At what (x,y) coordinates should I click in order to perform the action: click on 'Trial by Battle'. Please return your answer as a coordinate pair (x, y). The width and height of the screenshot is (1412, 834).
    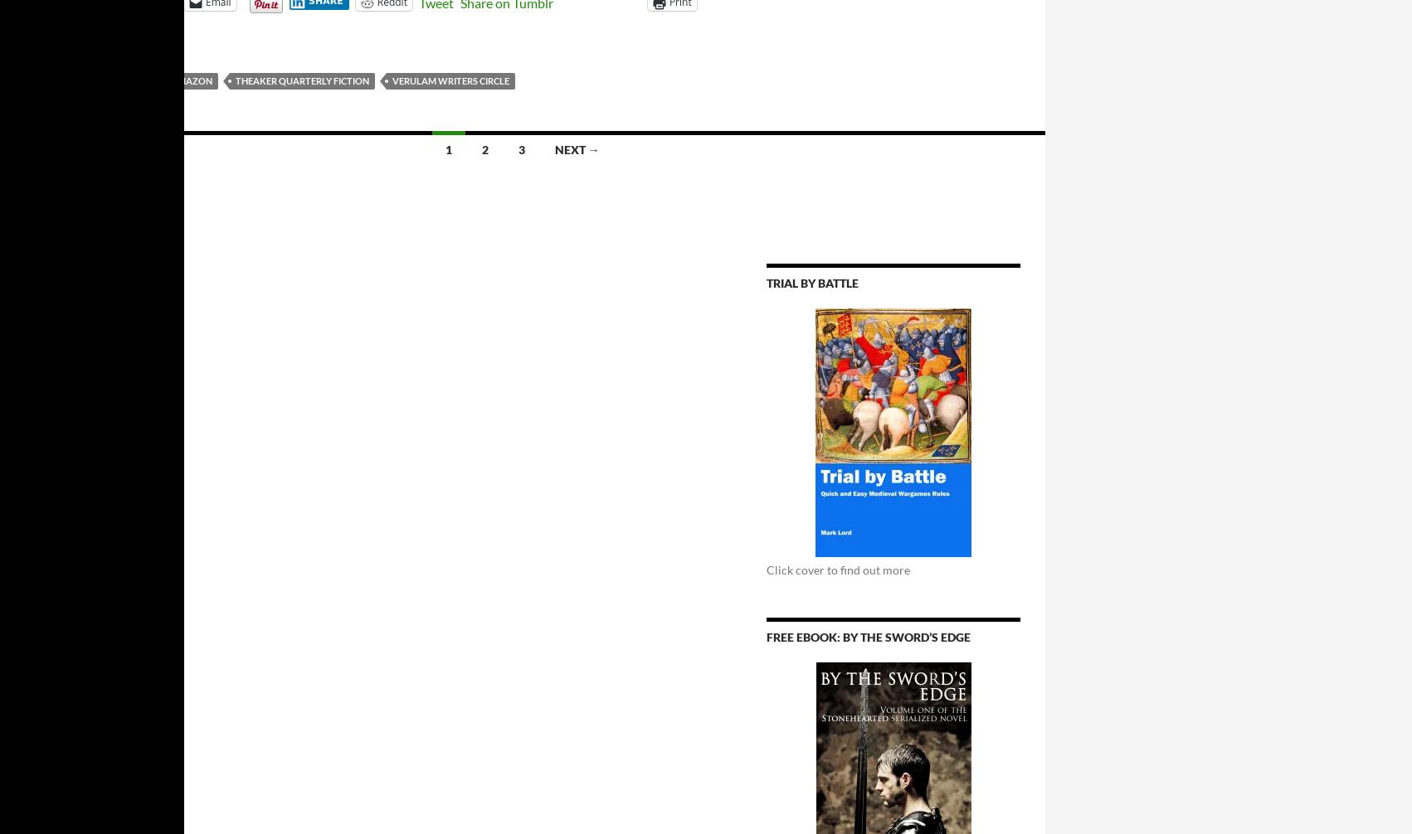
    Looking at the image, I should click on (767, 282).